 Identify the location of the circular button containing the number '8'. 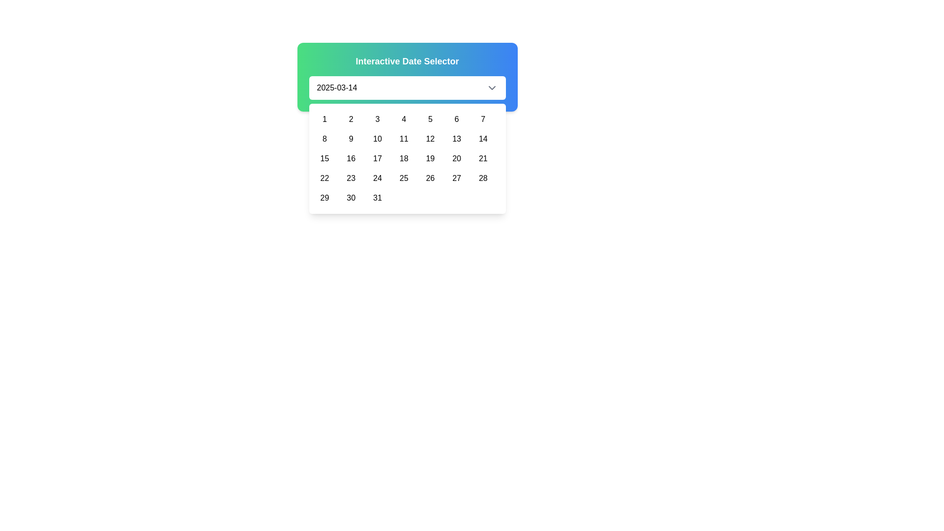
(324, 139).